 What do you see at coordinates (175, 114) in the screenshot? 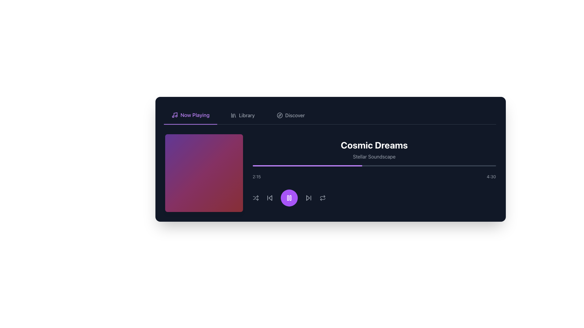
I see `thin vertical line styled like a musical note stem, located beside the 'Now Playing' text in the music player interface for debugging purposes` at bounding box center [175, 114].